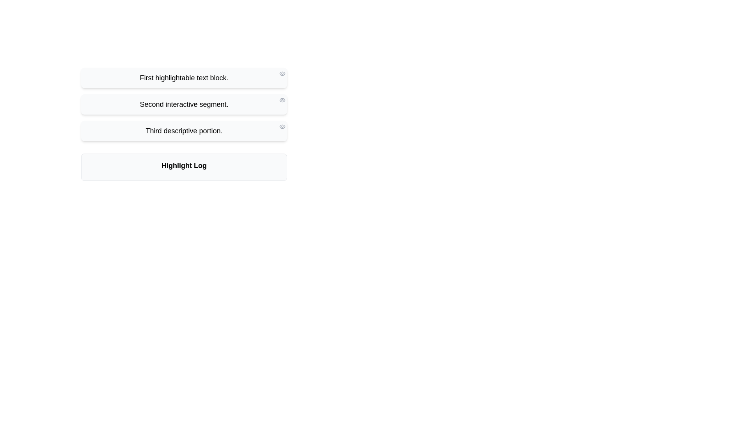 The image size is (749, 421). Describe the element at coordinates (282, 73) in the screenshot. I see `the visibility toggle icon located at the upper-right corner of the first highlightable text block containing 'First highlightable text block'` at that location.